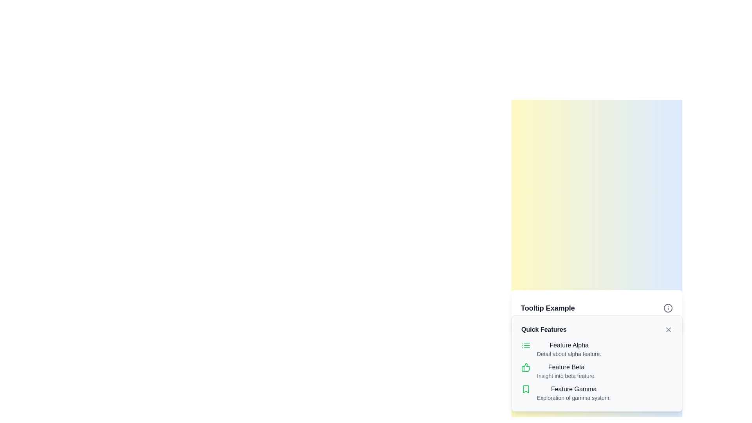  What do you see at coordinates (574, 398) in the screenshot?
I see `the descriptive text label providing supplementary information about the 'Feature Gamma' functionality, located beneath the title text 'Feature Gamma' in the bottom-right section of the modal under 'Quick Features'` at bounding box center [574, 398].